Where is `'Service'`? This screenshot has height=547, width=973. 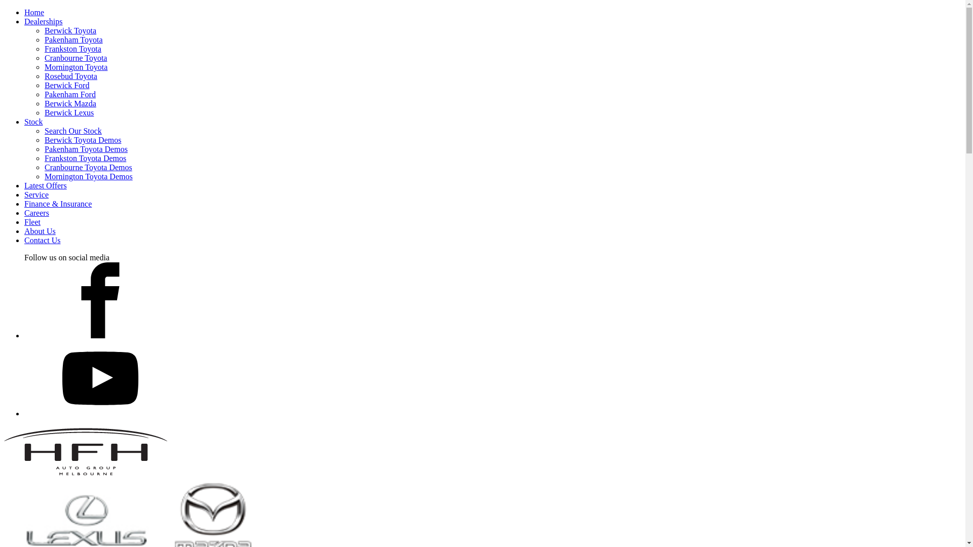 'Service' is located at coordinates (36, 194).